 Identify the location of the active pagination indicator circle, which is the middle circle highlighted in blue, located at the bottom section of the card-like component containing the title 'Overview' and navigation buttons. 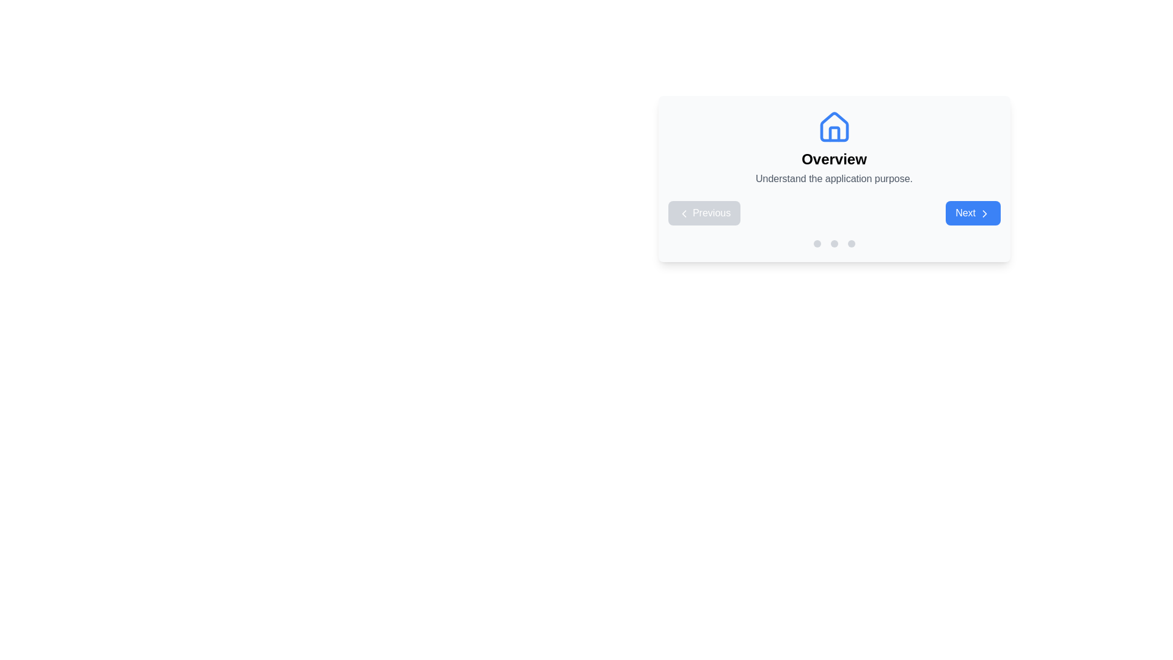
(833, 243).